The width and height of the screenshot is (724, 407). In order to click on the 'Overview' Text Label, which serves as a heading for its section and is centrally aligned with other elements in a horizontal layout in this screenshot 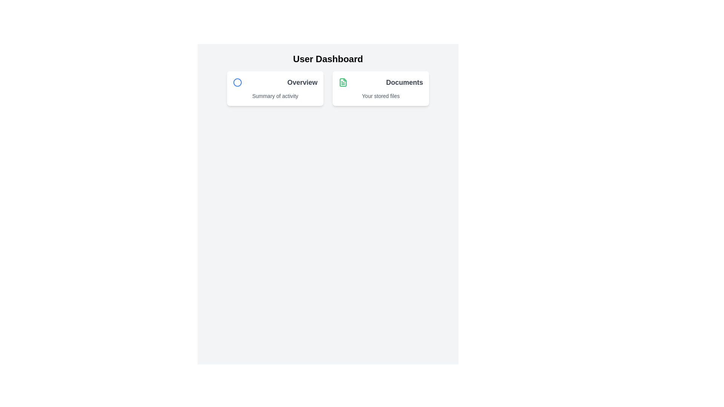, I will do `click(302, 83)`.